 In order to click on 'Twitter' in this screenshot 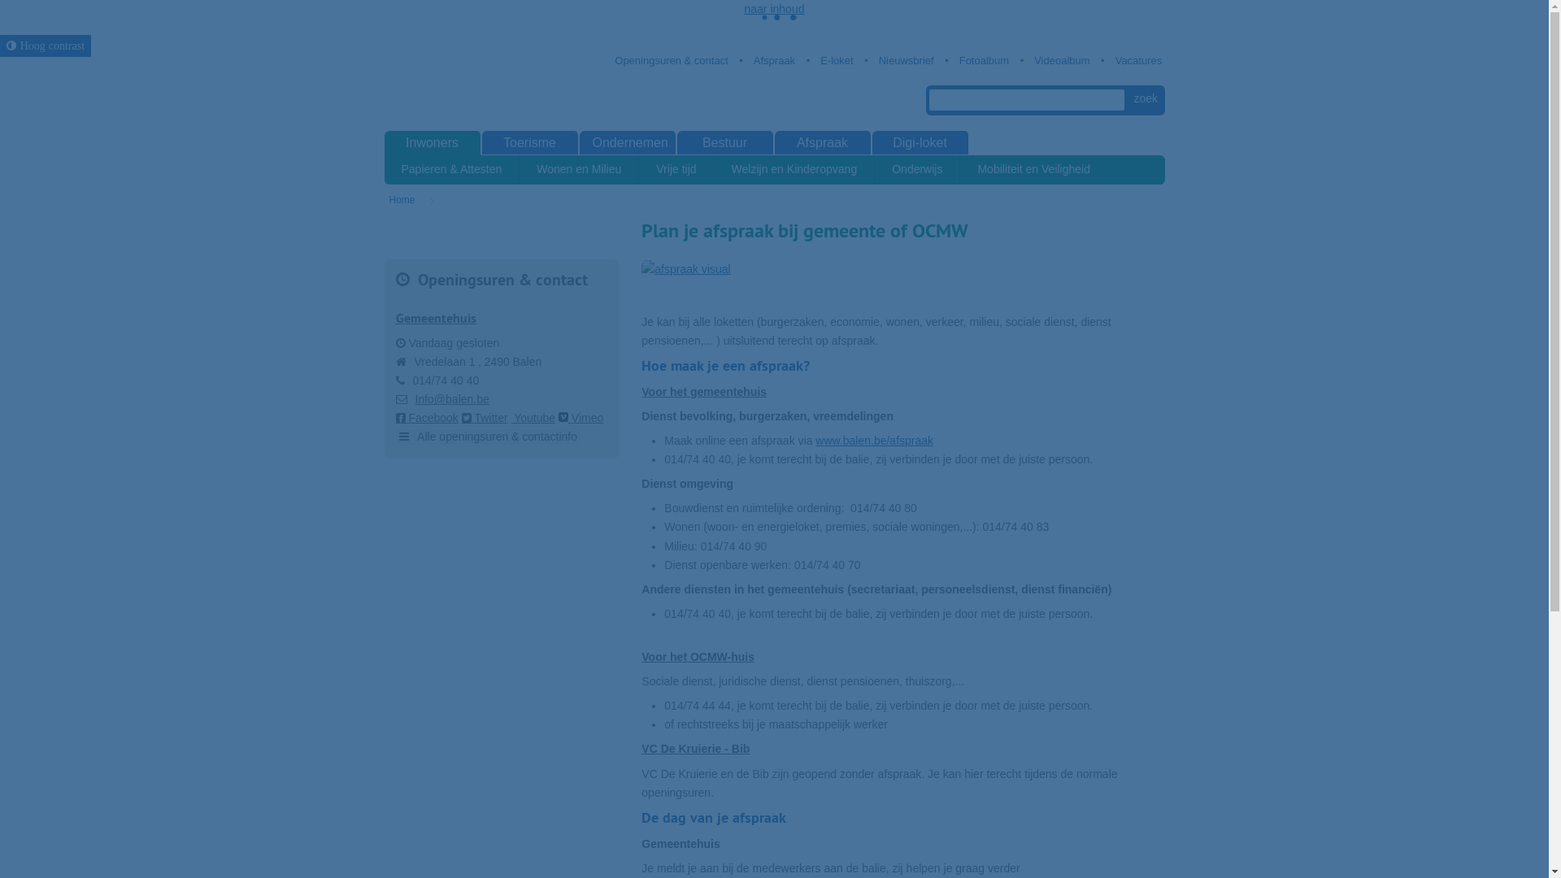, I will do `click(484, 416)`.